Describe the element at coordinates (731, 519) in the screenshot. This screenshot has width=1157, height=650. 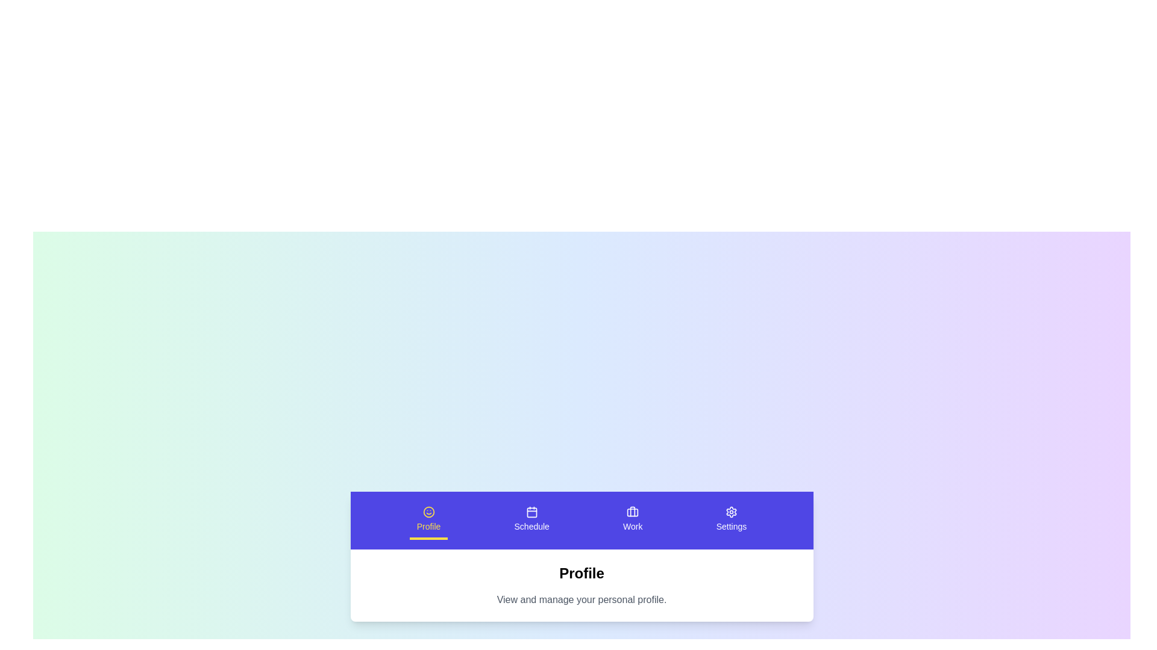
I see `the tab labeled Settings` at that location.